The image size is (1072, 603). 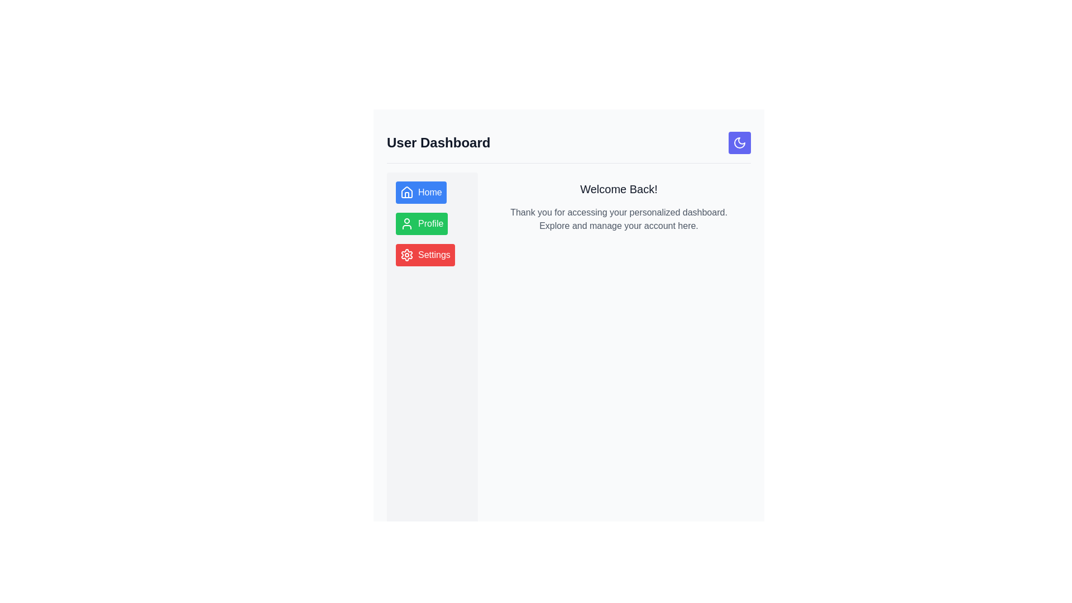 What do you see at coordinates (739, 142) in the screenshot?
I see `the nighttime mode toggle icon located at the top-right corner of the user interface, inside a square button` at bounding box center [739, 142].